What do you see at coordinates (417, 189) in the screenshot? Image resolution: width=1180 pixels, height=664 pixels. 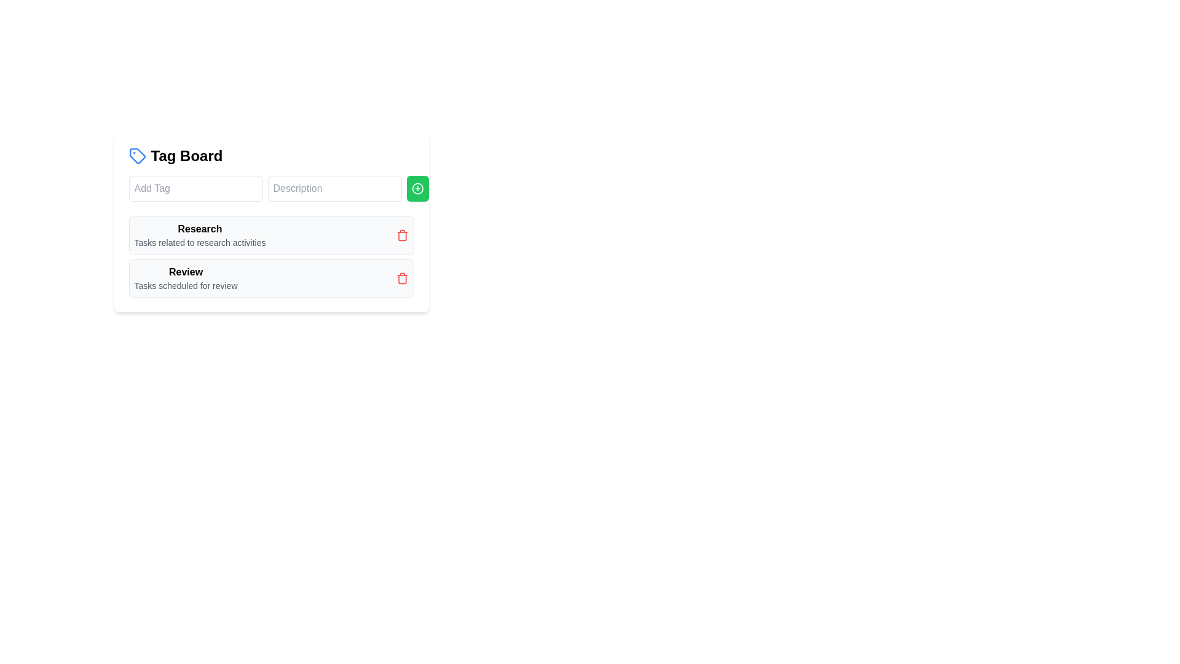 I see `the green rectangular button with a plus sign icon by` at bounding box center [417, 189].